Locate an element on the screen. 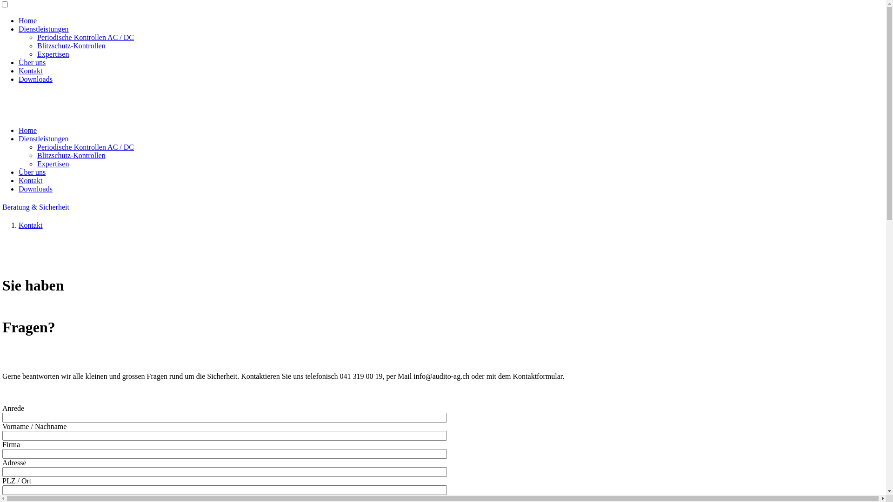 This screenshot has height=502, width=893. 'Kontakt' is located at coordinates (31, 70).